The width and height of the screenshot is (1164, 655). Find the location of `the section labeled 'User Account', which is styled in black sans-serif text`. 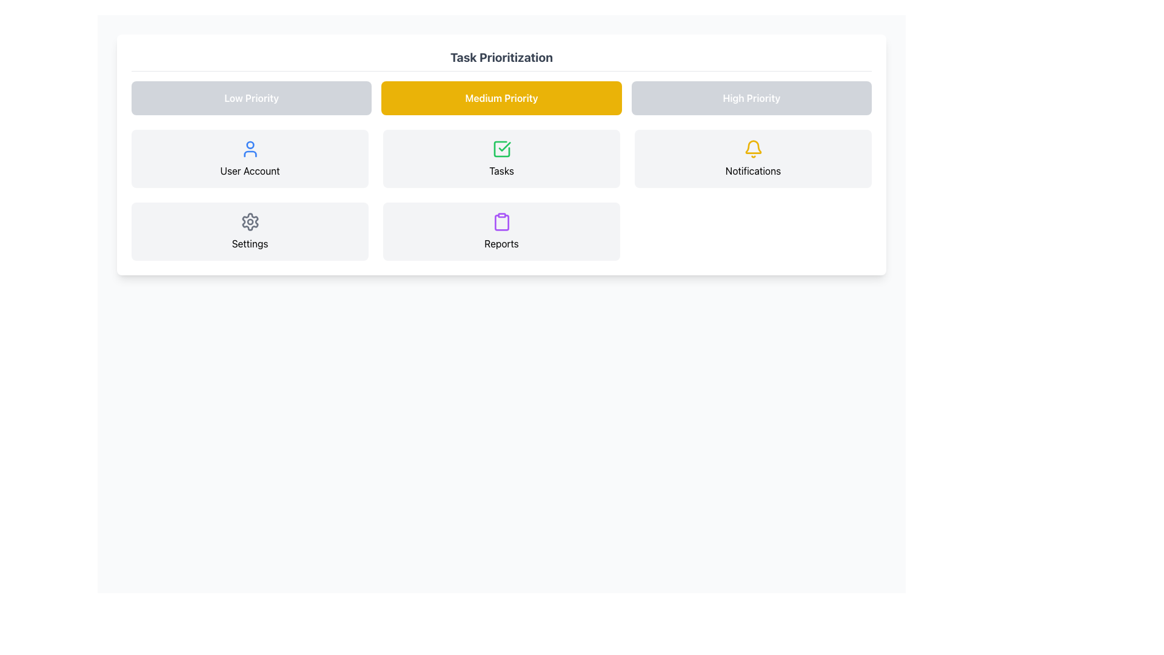

the section labeled 'User Account', which is styled in black sans-serif text is located at coordinates (249, 170).